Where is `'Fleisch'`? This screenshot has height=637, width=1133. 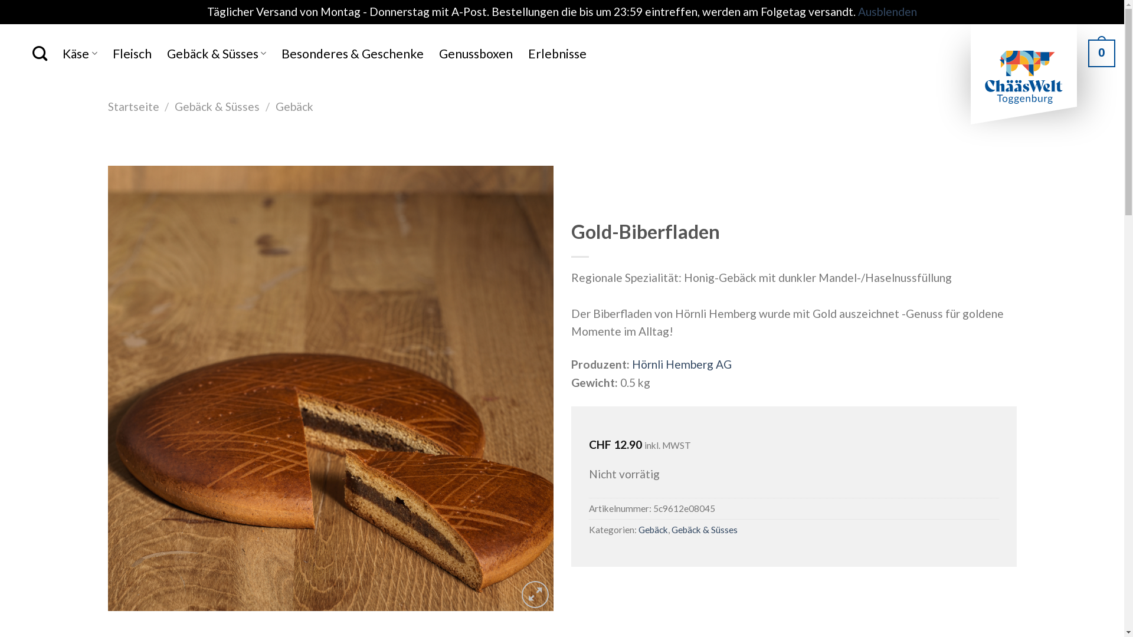
'Fleisch' is located at coordinates (132, 54).